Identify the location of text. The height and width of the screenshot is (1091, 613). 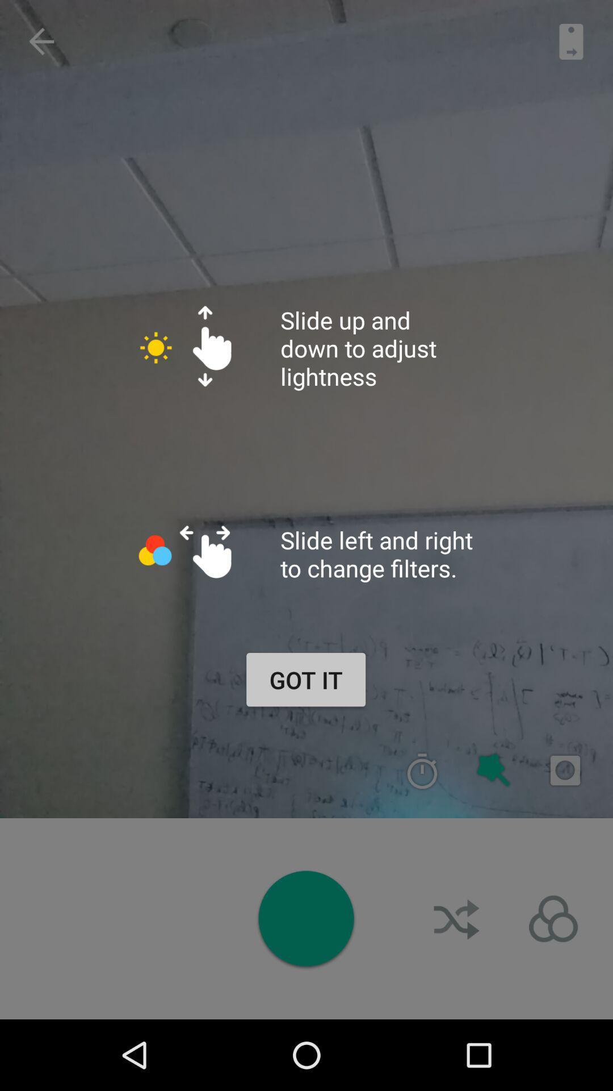
(565, 771).